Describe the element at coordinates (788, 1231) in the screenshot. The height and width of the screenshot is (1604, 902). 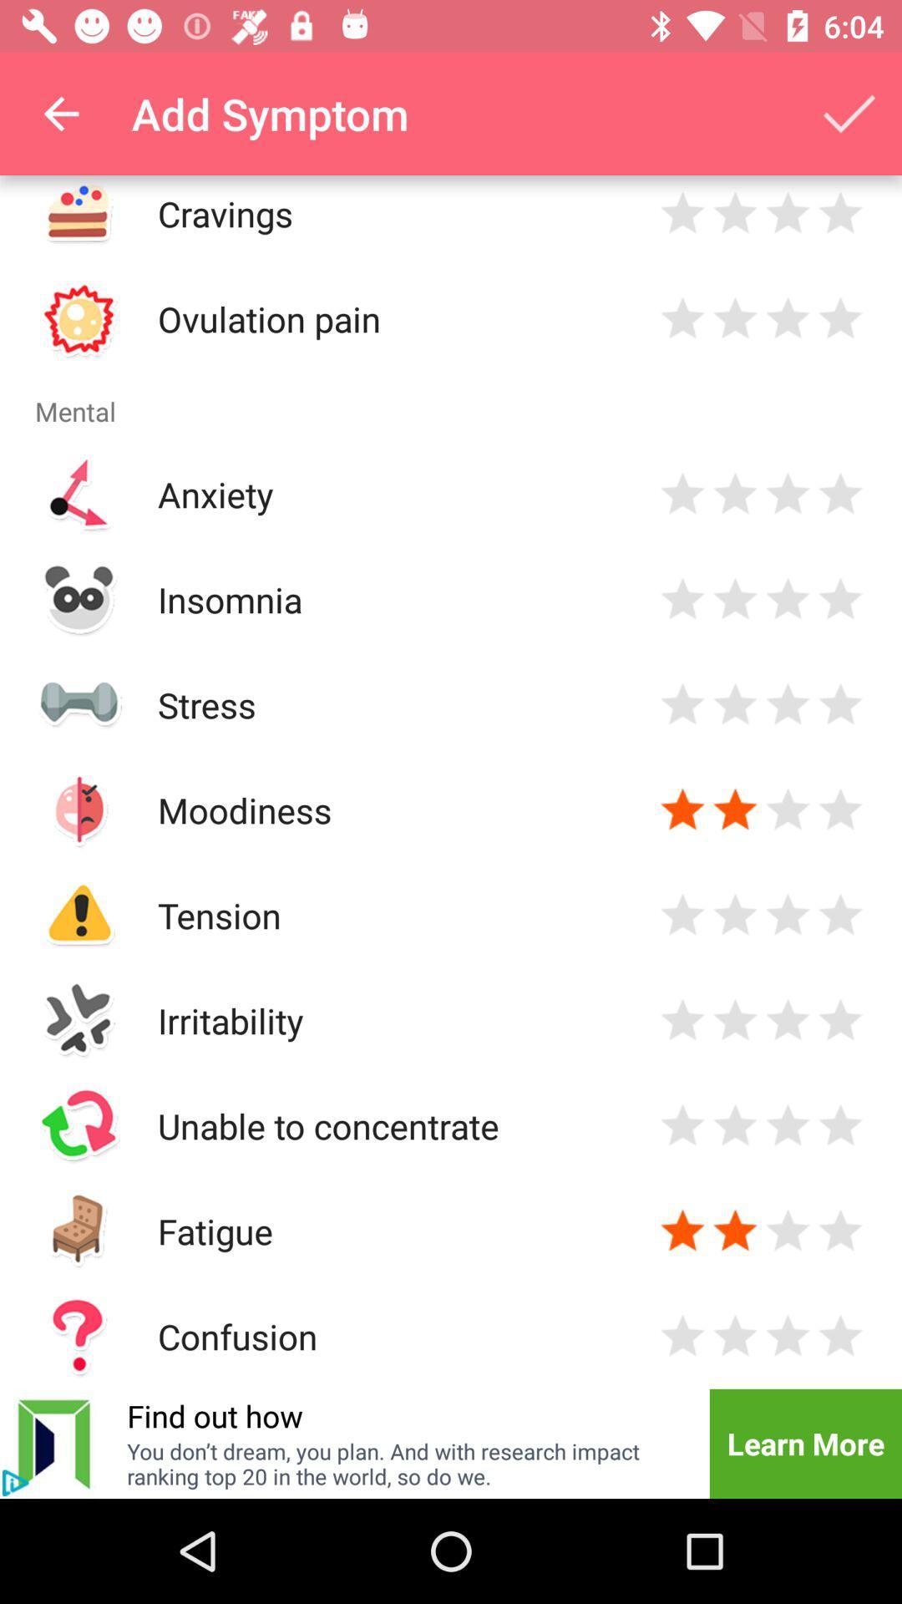
I see `3 star rating` at that location.